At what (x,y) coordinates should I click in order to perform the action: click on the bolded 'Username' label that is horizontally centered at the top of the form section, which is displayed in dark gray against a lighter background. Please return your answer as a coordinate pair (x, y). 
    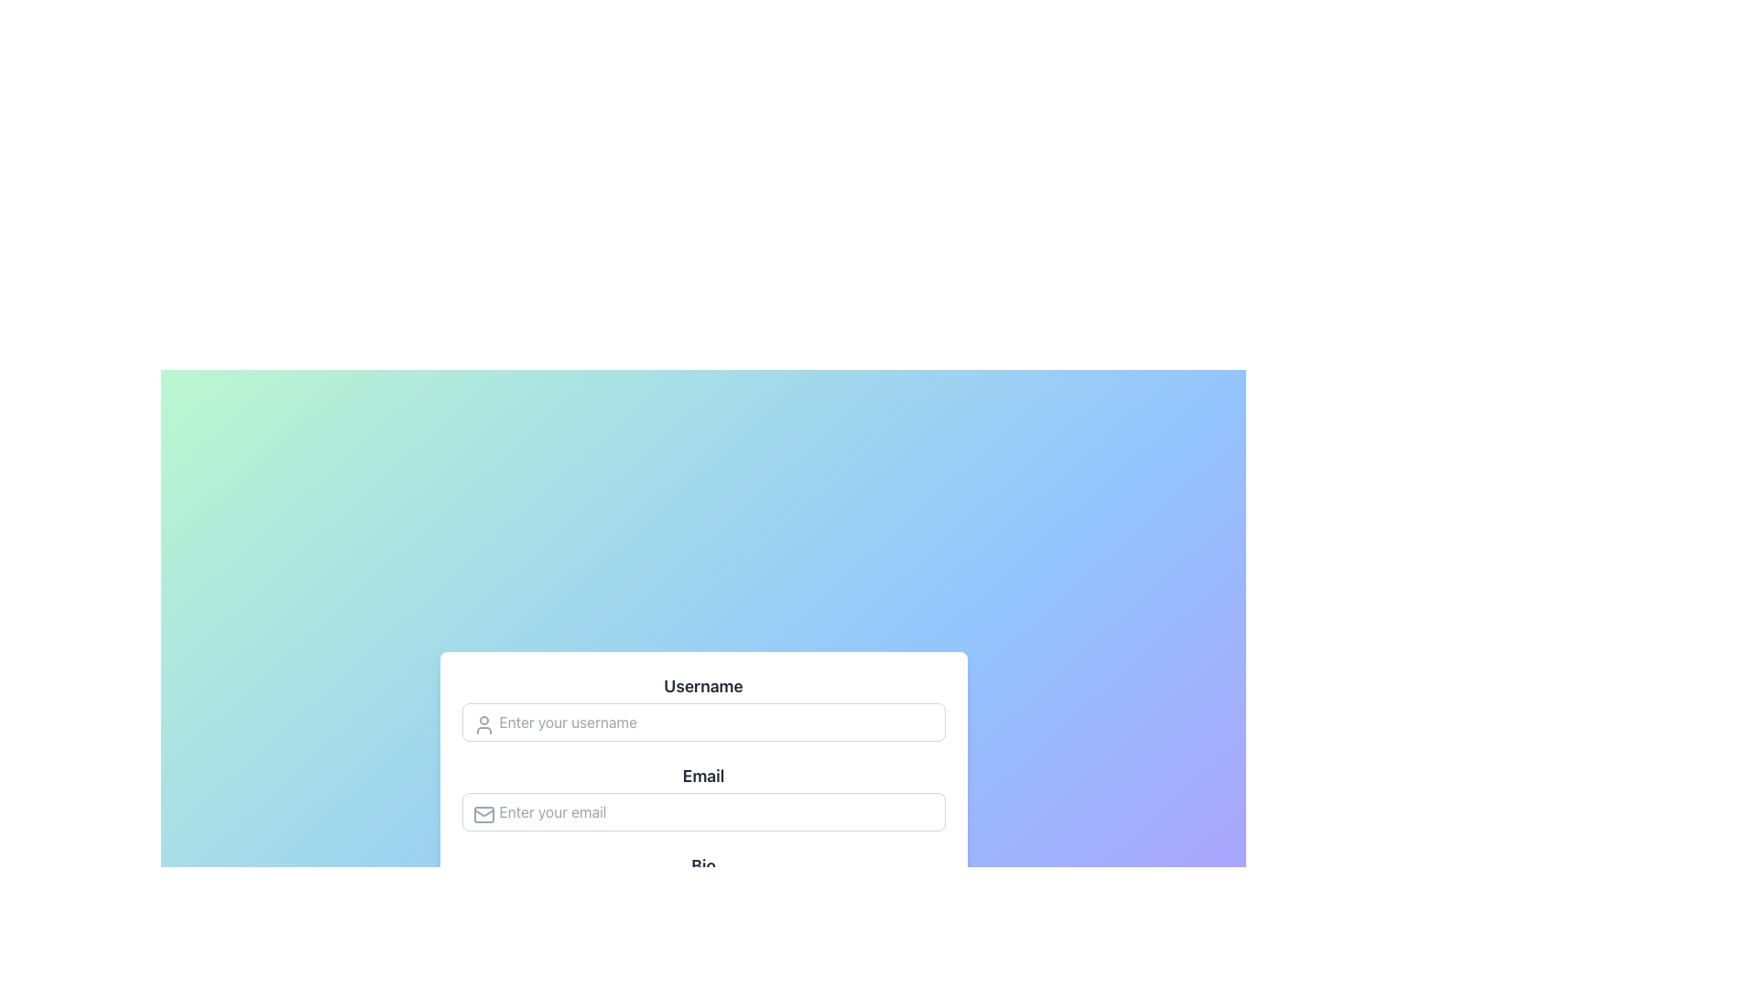
    Looking at the image, I should click on (702, 686).